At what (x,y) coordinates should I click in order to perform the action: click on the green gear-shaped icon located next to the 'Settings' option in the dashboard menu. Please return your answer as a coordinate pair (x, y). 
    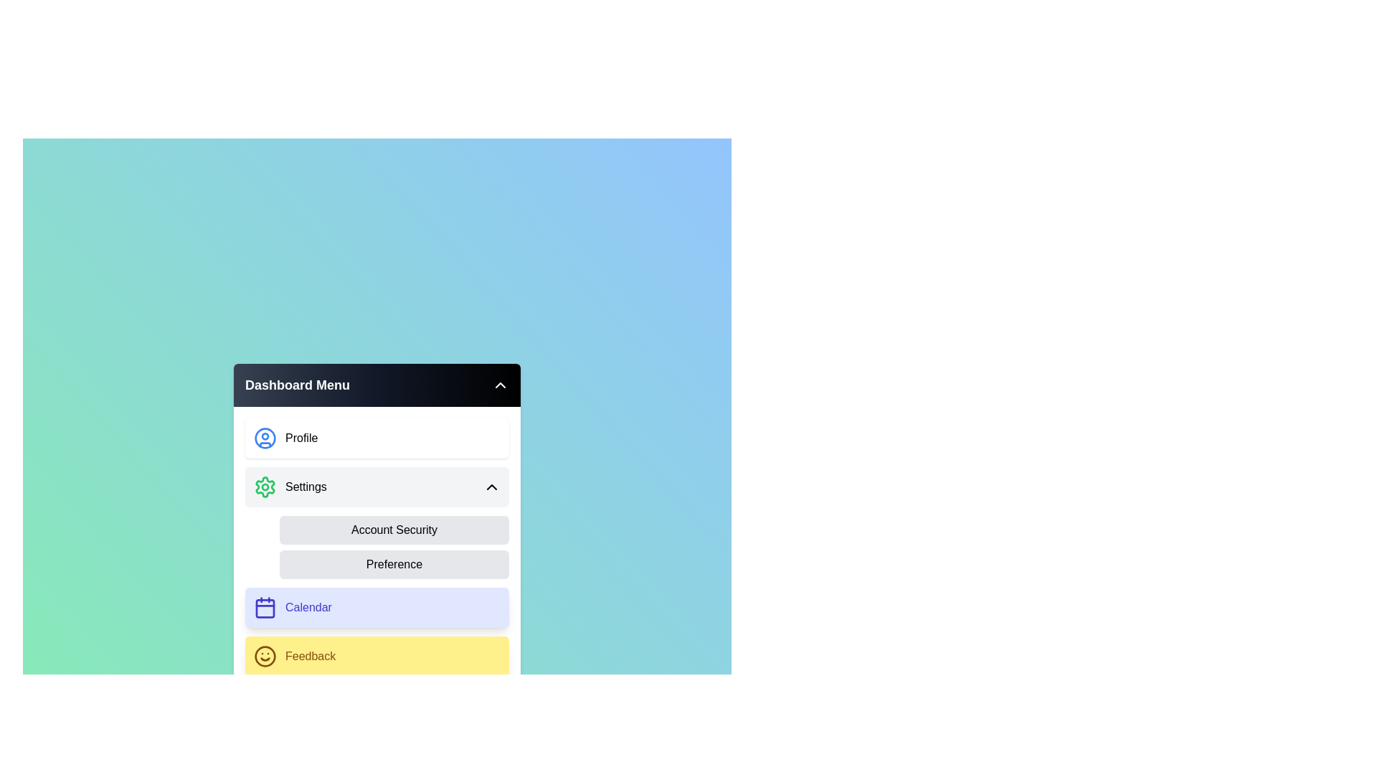
    Looking at the image, I should click on (265, 486).